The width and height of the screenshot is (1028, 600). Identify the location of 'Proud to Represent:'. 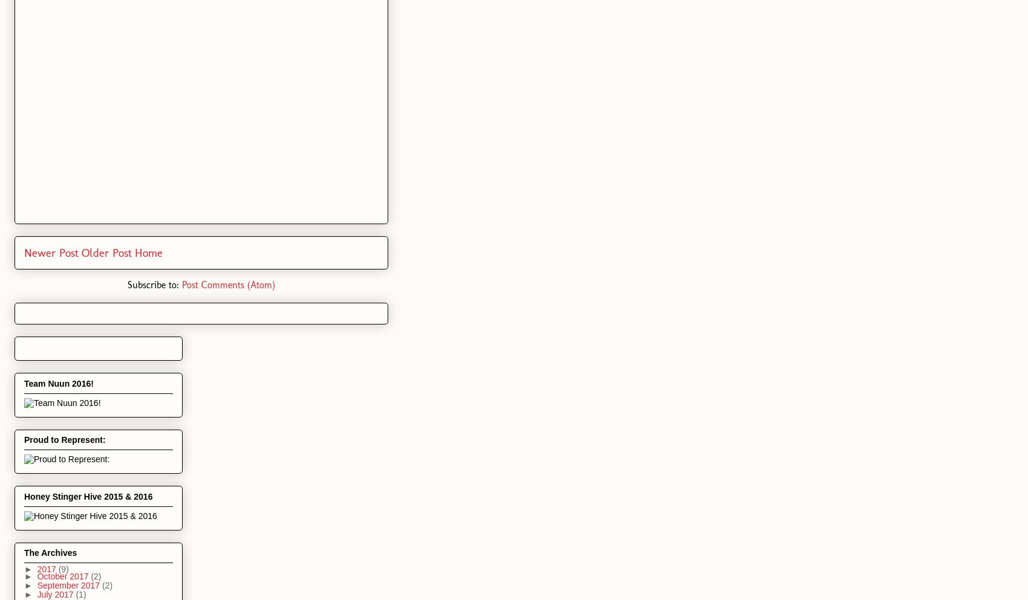
(64, 439).